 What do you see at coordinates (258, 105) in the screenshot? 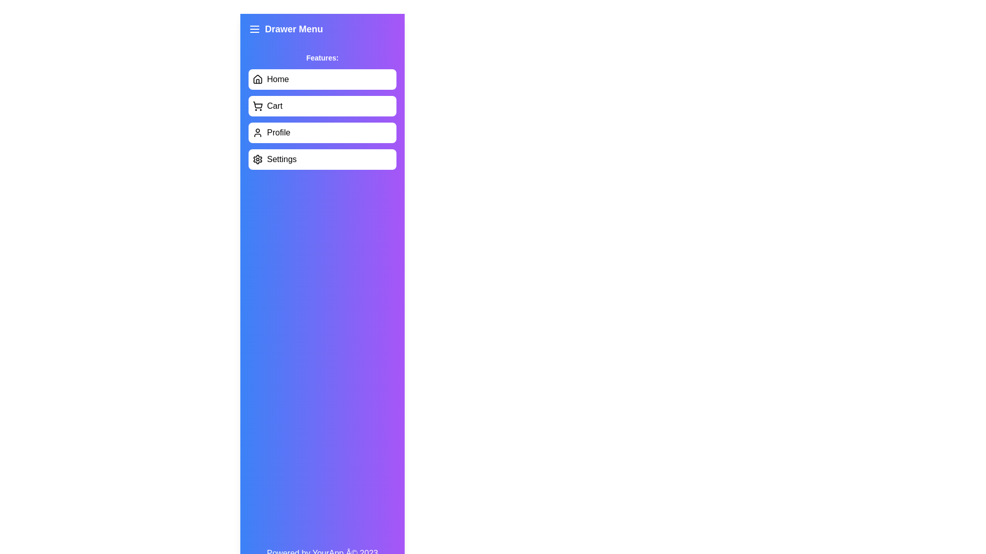
I see `the 'Cart' vector icon to interact with the shopping cart menu option` at bounding box center [258, 105].